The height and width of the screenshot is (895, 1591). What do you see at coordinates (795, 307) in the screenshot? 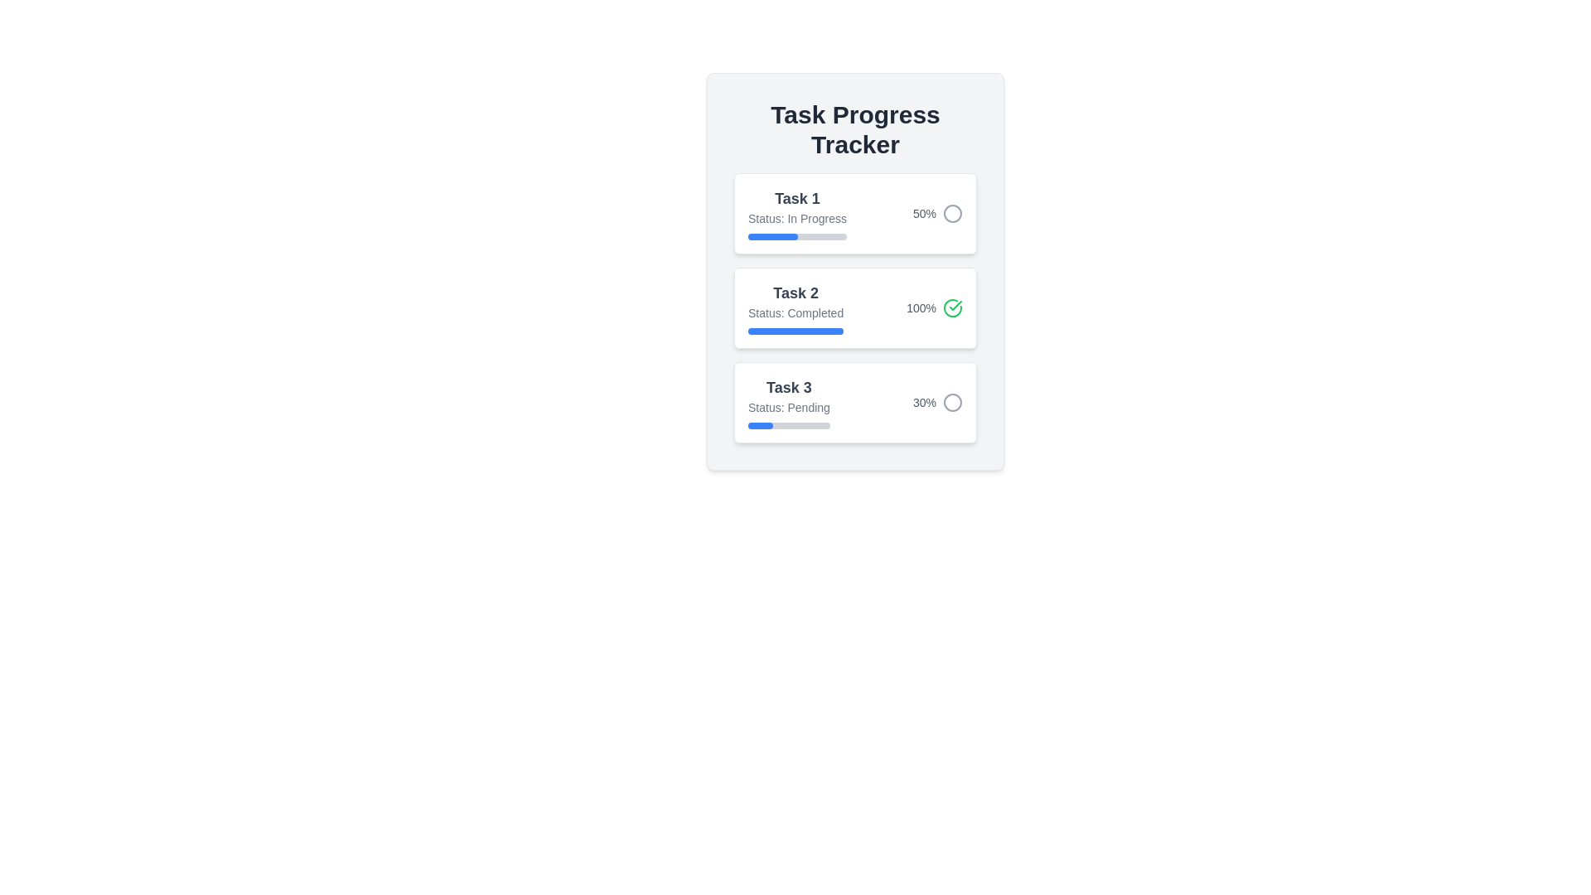
I see `information from the second task text label in the task management interface, which shows the task name and status` at bounding box center [795, 307].